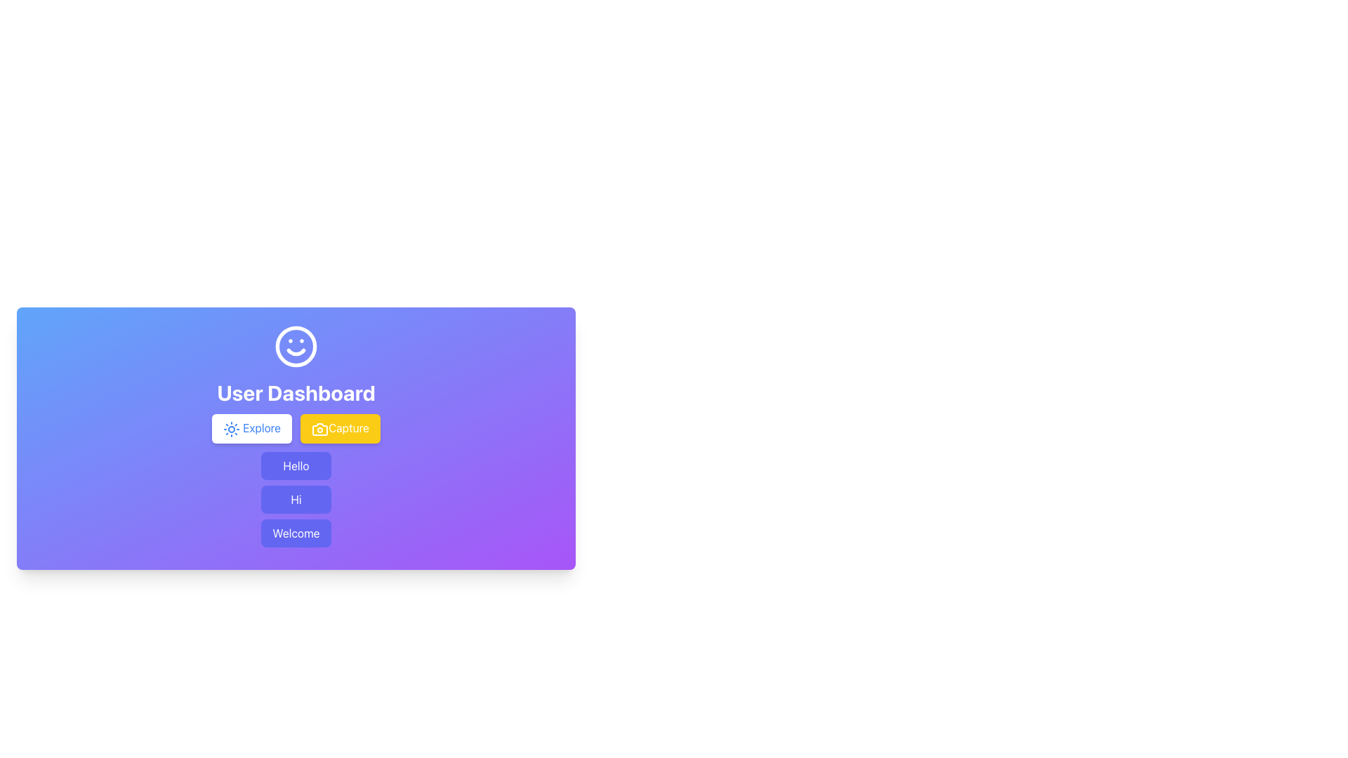 The image size is (1348, 758). Describe the element at coordinates (319, 428) in the screenshot. I see `the camera icon within the 'Capture' button, which is located in the middle section of the interface next to the 'Explore' button` at that location.